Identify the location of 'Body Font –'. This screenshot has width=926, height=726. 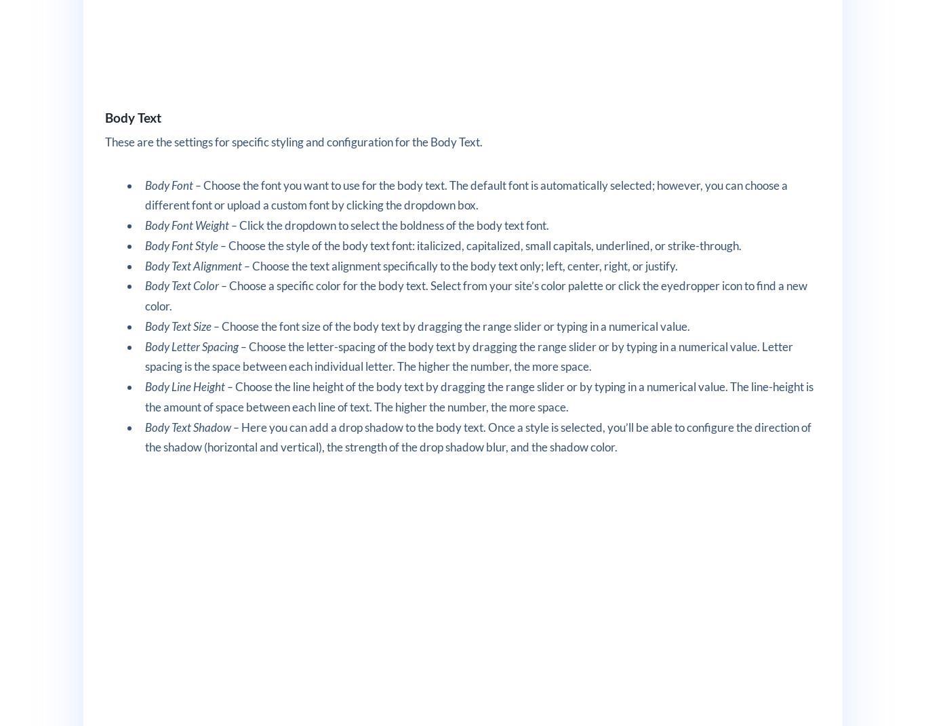
(174, 184).